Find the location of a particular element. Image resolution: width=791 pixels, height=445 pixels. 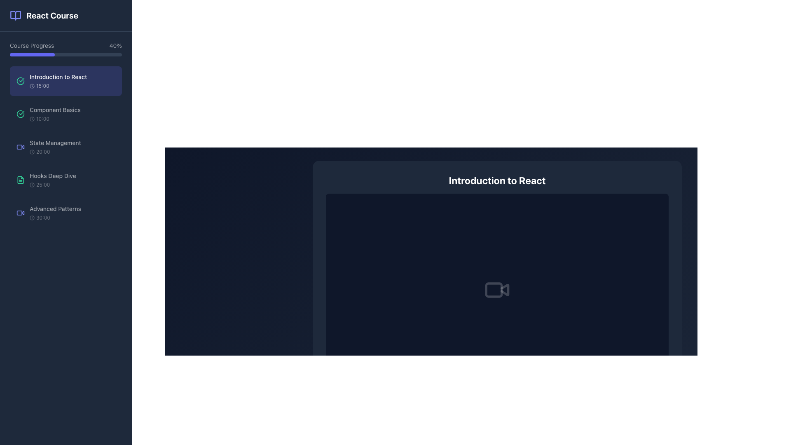

the clock icon located in the 'Introduction to React' section of the sidebar menu is located at coordinates (32, 86).